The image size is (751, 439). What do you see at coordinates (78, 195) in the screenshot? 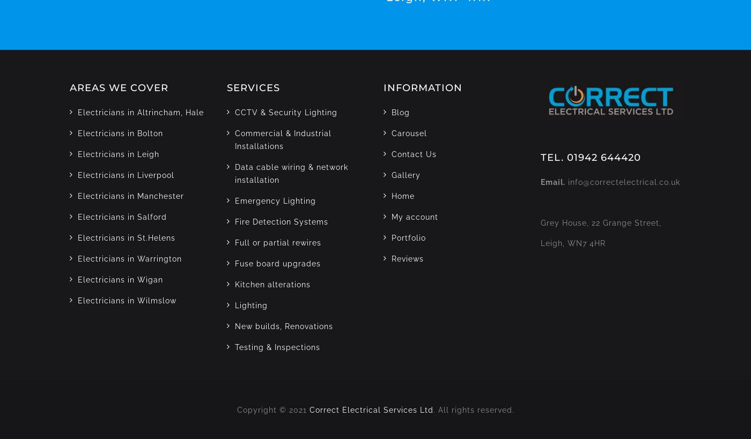
I see `'Electricians in Manchester'` at bounding box center [78, 195].